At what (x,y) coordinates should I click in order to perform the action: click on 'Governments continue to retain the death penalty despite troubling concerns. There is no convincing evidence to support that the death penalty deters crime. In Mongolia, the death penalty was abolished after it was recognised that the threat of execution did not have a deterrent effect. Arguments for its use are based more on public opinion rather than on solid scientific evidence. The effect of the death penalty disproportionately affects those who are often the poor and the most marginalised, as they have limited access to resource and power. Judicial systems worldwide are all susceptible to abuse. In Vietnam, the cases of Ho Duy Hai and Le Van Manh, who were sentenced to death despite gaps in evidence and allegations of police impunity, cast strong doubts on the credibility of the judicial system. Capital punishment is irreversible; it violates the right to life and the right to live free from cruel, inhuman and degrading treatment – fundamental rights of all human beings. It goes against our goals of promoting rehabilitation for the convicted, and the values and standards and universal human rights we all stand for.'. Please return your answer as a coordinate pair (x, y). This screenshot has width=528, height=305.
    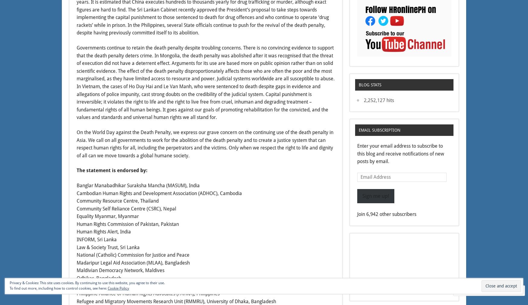
    Looking at the image, I should click on (205, 82).